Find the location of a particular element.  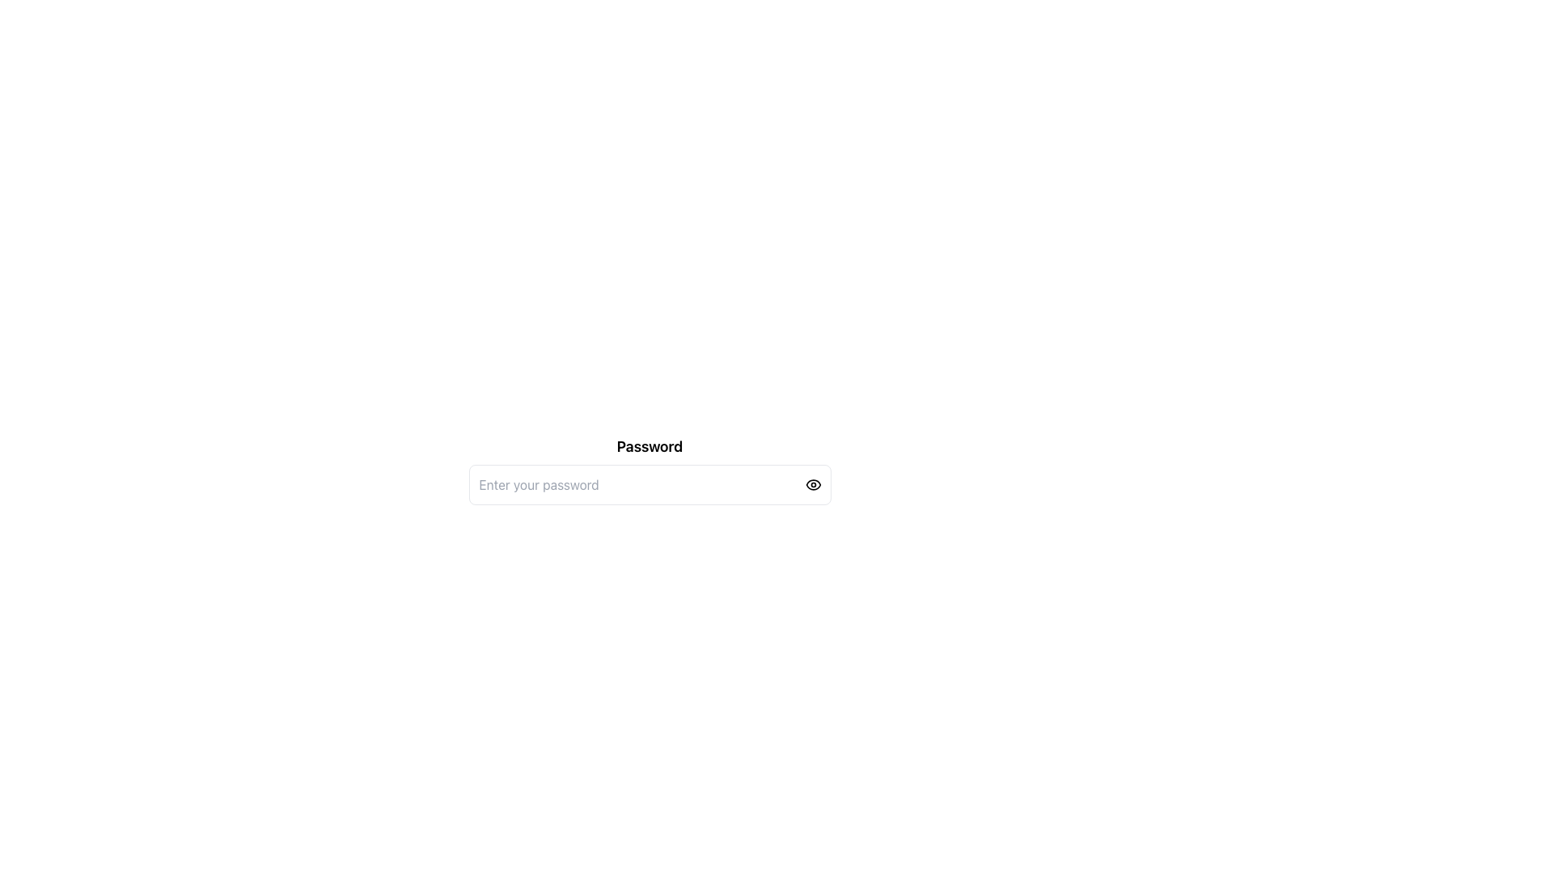

the eye icon located on the right side of the password input field is located at coordinates (813, 484).